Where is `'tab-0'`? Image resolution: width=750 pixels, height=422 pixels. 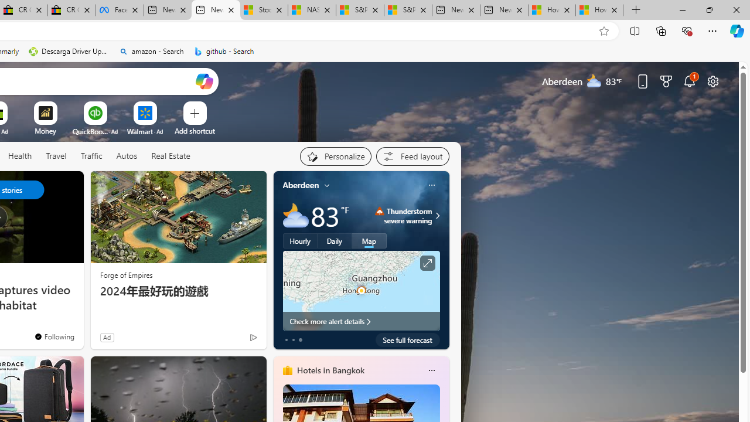 'tab-0' is located at coordinates (286, 339).